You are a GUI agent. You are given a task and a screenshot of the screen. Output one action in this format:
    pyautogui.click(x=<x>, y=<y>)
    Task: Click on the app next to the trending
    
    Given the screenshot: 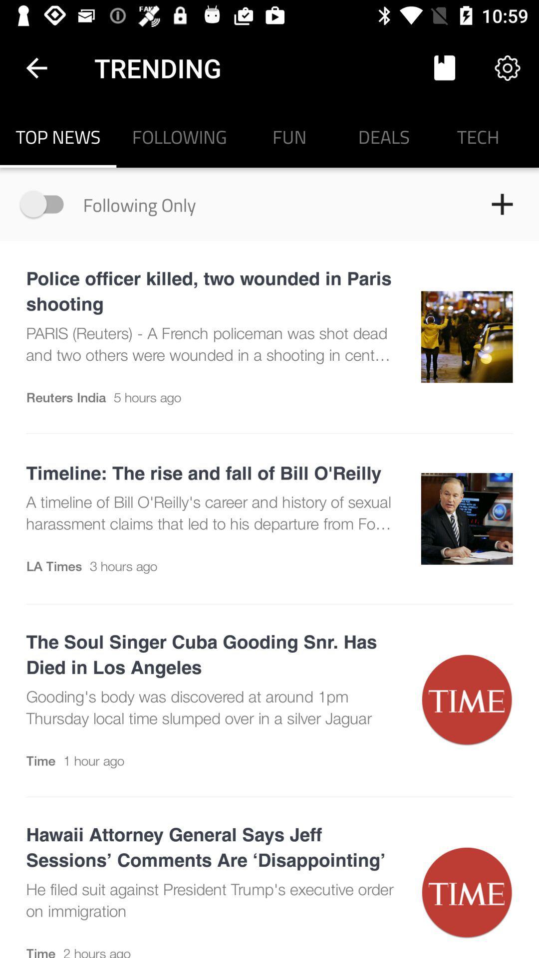 What is the action you would take?
    pyautogui.click(x=444, y=67)
    